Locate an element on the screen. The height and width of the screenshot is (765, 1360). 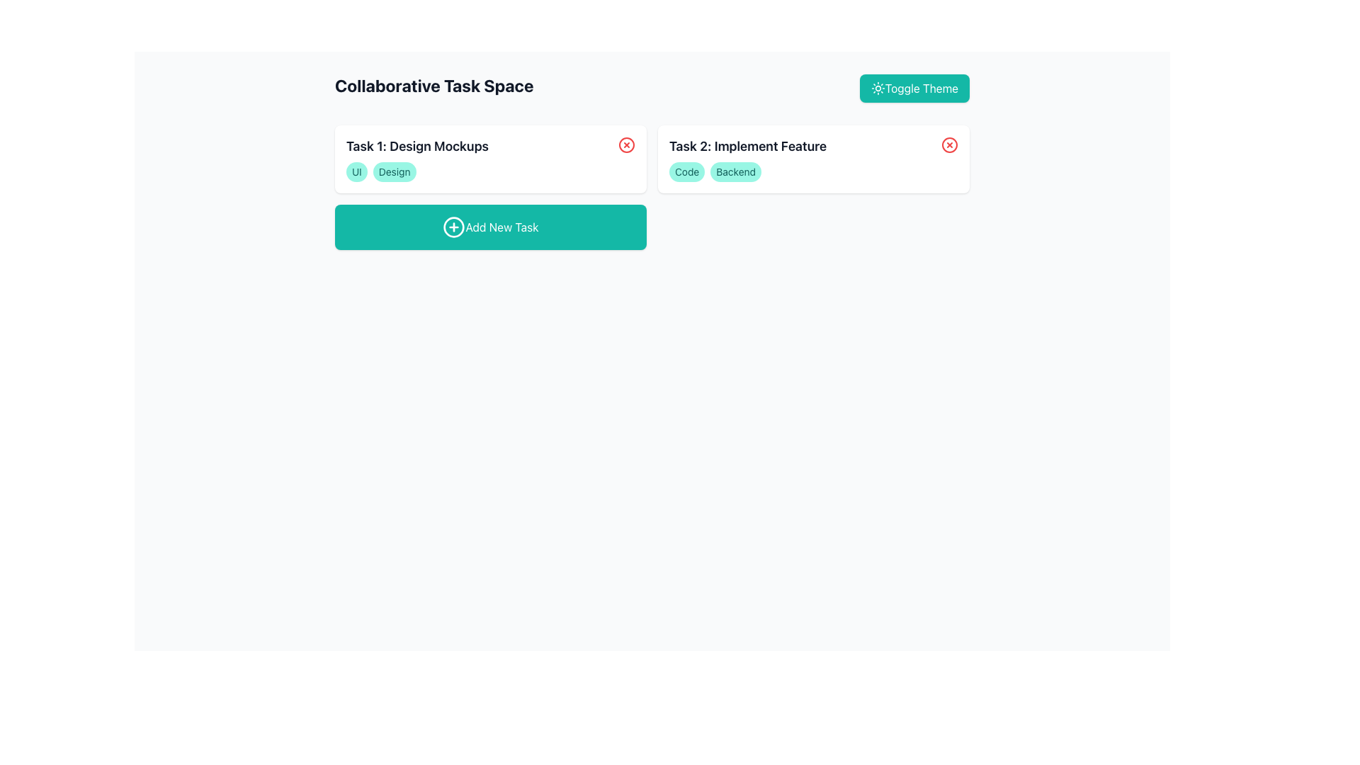
the first label with a teal background and bold text reading 'UI' within the card labeled 'Task 1: Design Mockups' is located at coordinates (356, 171).